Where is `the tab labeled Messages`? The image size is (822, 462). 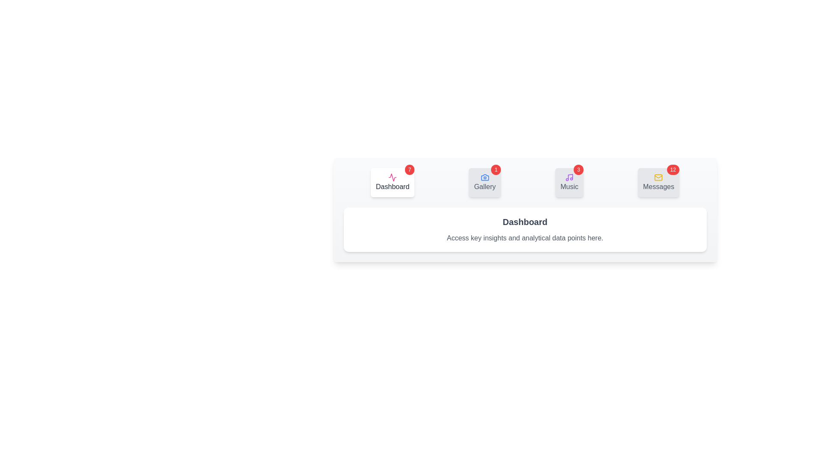
the tab labeled Messages is located at coordinates (658, 182).